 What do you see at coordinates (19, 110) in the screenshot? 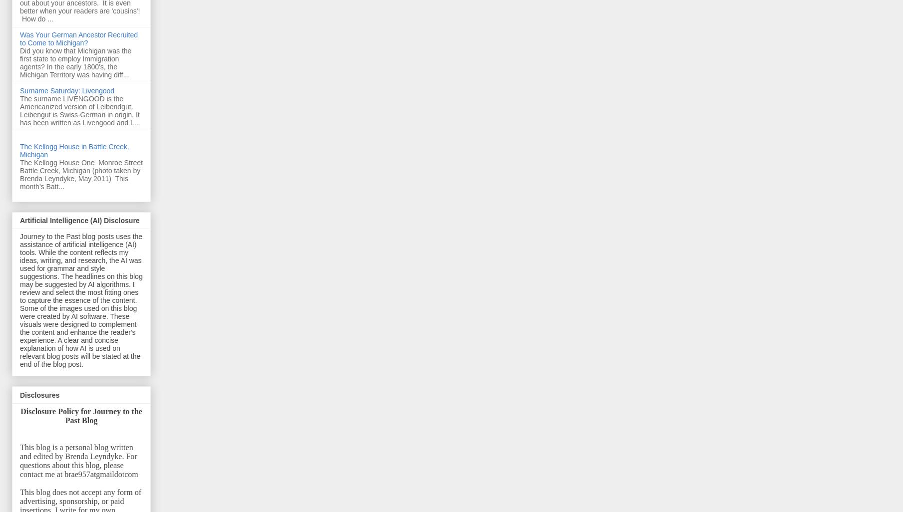
I see `'The surname LIVENGOOD is the Americanized version of Leibendgut. Leibengut is Swiss-German in origin. It has been written as Livengood and L...'` at bounding box center [19, 110].